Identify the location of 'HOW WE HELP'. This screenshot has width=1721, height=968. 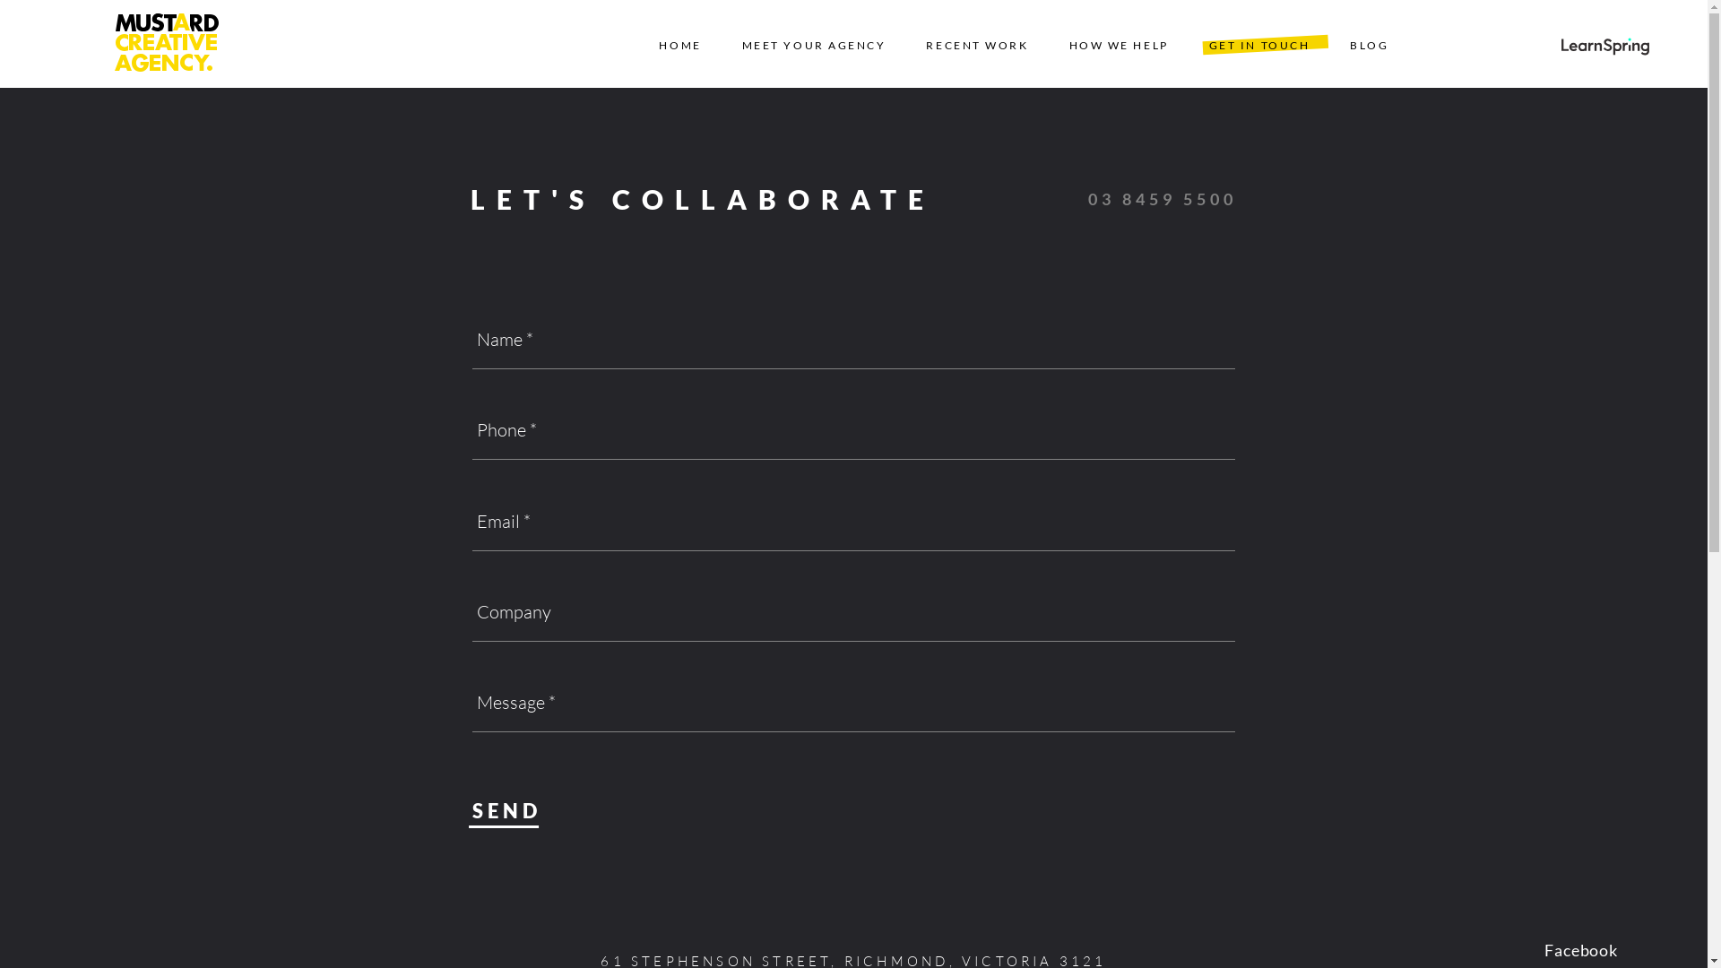
(1062, 44).